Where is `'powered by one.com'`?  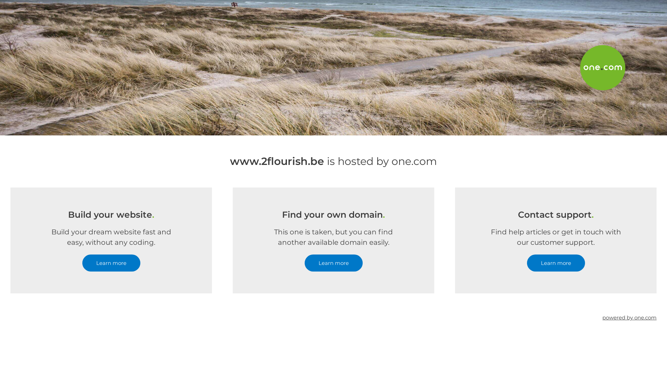 'powered by one.com' is located at coordinates (602, 317).